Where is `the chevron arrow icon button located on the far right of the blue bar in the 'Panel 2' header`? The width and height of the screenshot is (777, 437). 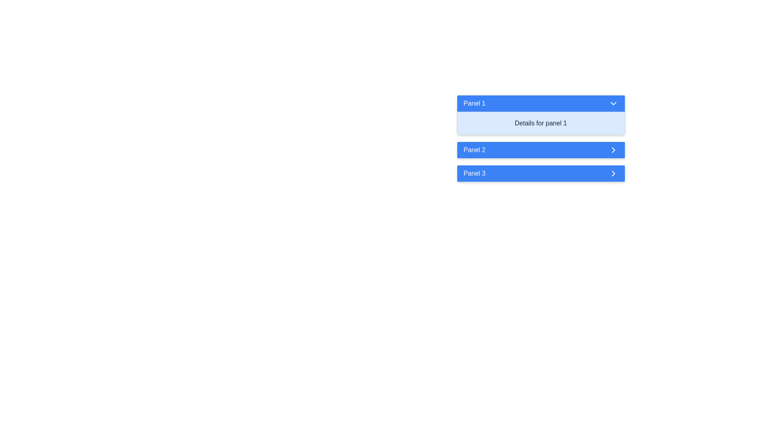 the chevron arrow icon button located on the far right of the blue bar in the 'Panel 2' header is located at coordinates (613, 150).